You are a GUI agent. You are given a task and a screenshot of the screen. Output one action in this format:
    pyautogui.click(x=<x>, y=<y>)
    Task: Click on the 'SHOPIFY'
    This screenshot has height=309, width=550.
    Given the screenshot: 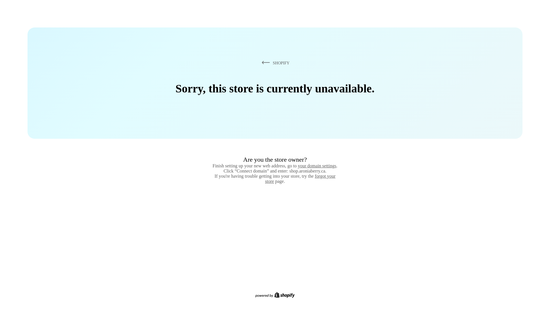 What is the action you would take?
    pyautogui.click(x=274, y=63)
    